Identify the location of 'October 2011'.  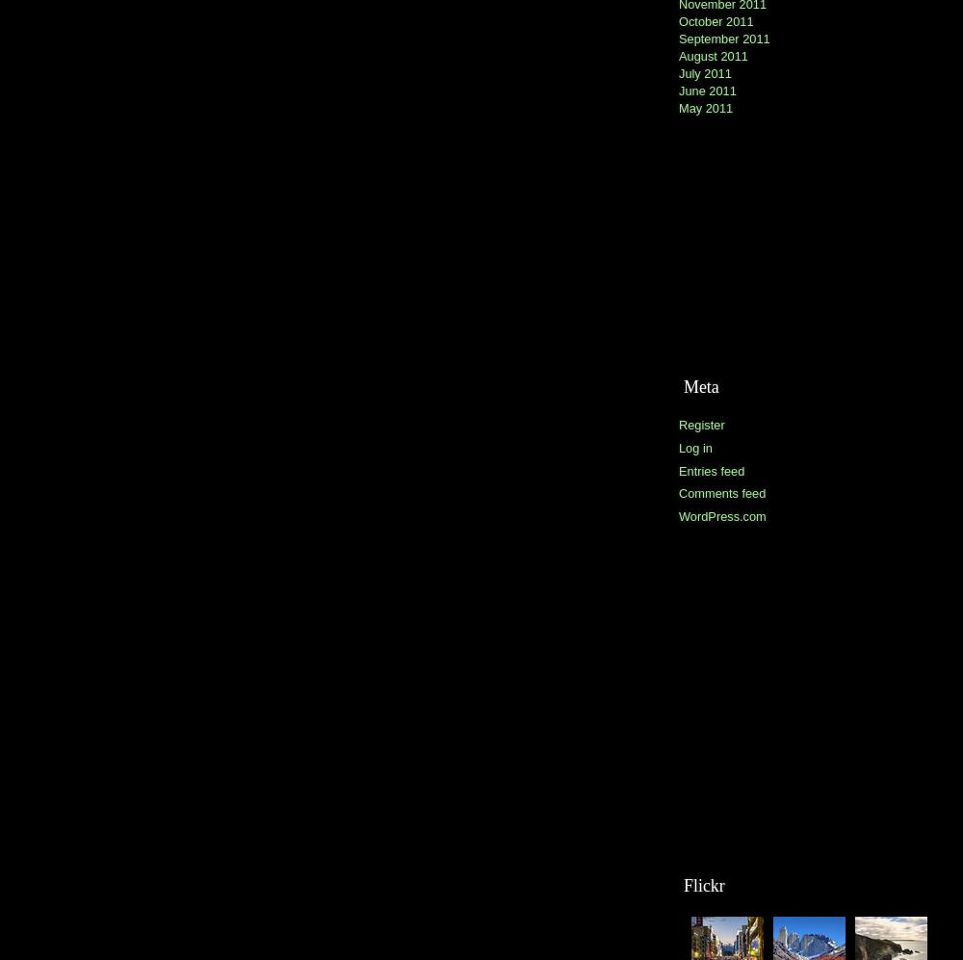
(678, 21).